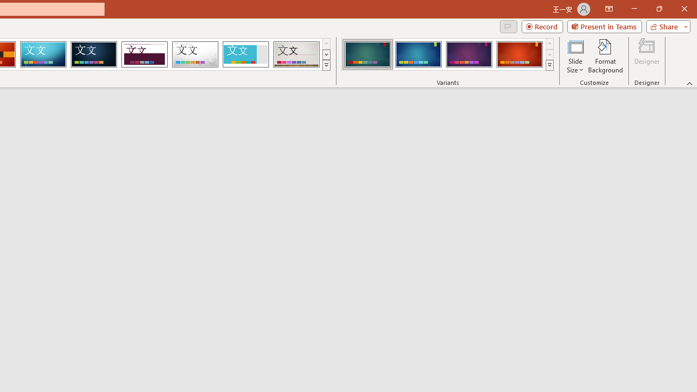 The width and height of the screenshot is (697, 392). What do you see at coordinates (469, 54) in the screenshot?
I see `'Ion Variant 3'` at bounding box center [469, 54].